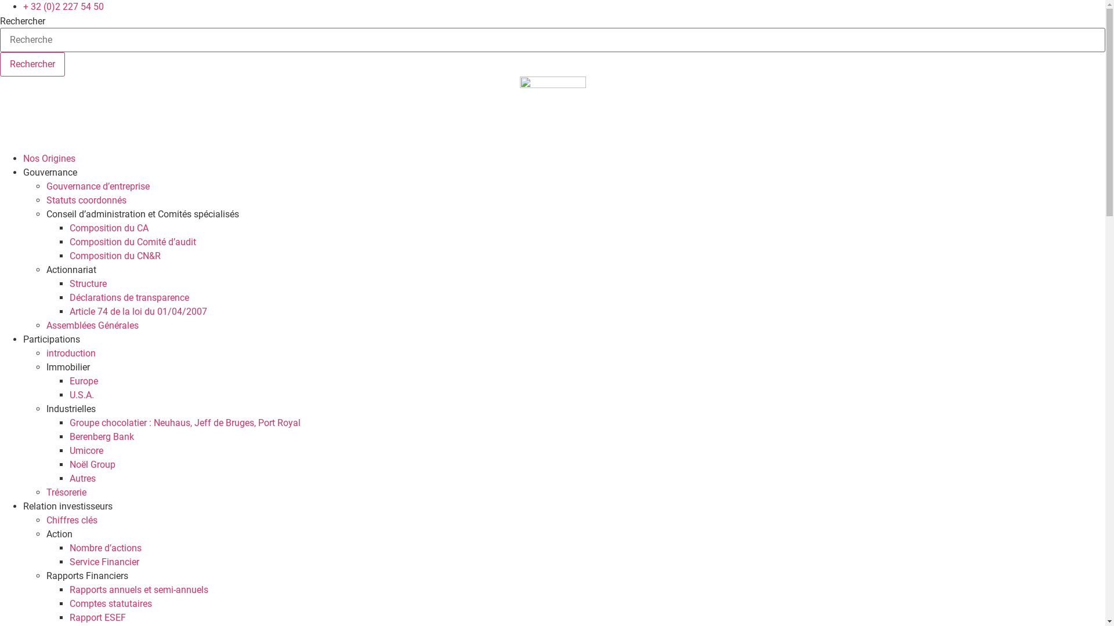 This screenshot has height=626, width=1114. Describe the element at coordinates (88, 283) in the screenshot. I see `'Structure'` at that location.